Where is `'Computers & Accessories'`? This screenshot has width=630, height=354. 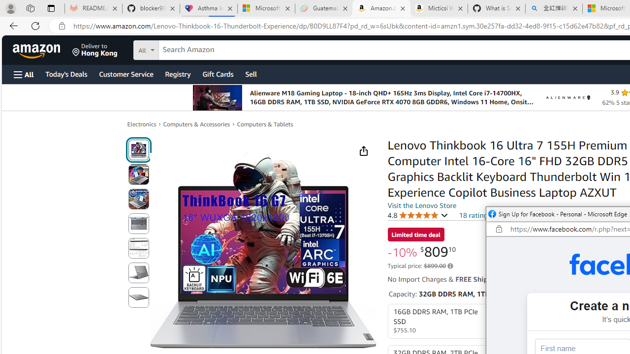
'Computers & Accessories' is located at coordinates (197, 123).